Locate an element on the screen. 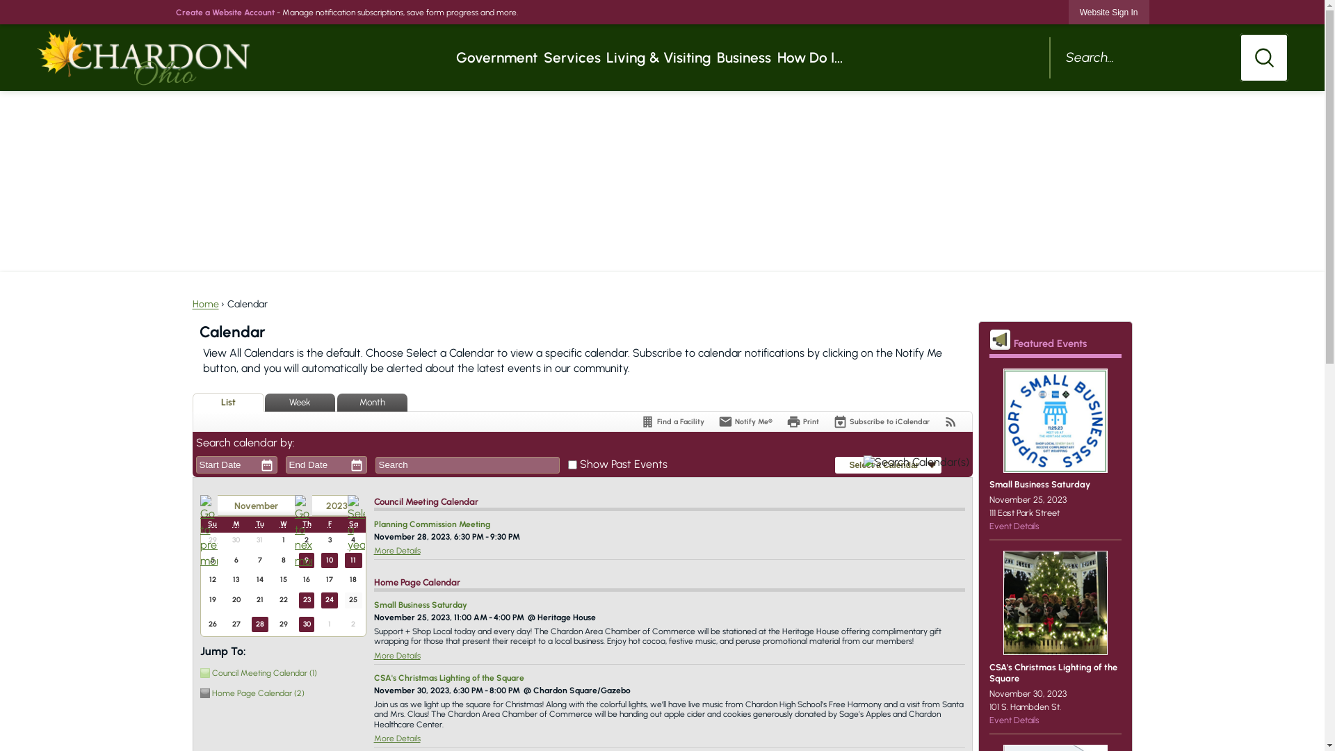 The image size is (1335, 751). 'Home' is located at coordinates (204, 303).